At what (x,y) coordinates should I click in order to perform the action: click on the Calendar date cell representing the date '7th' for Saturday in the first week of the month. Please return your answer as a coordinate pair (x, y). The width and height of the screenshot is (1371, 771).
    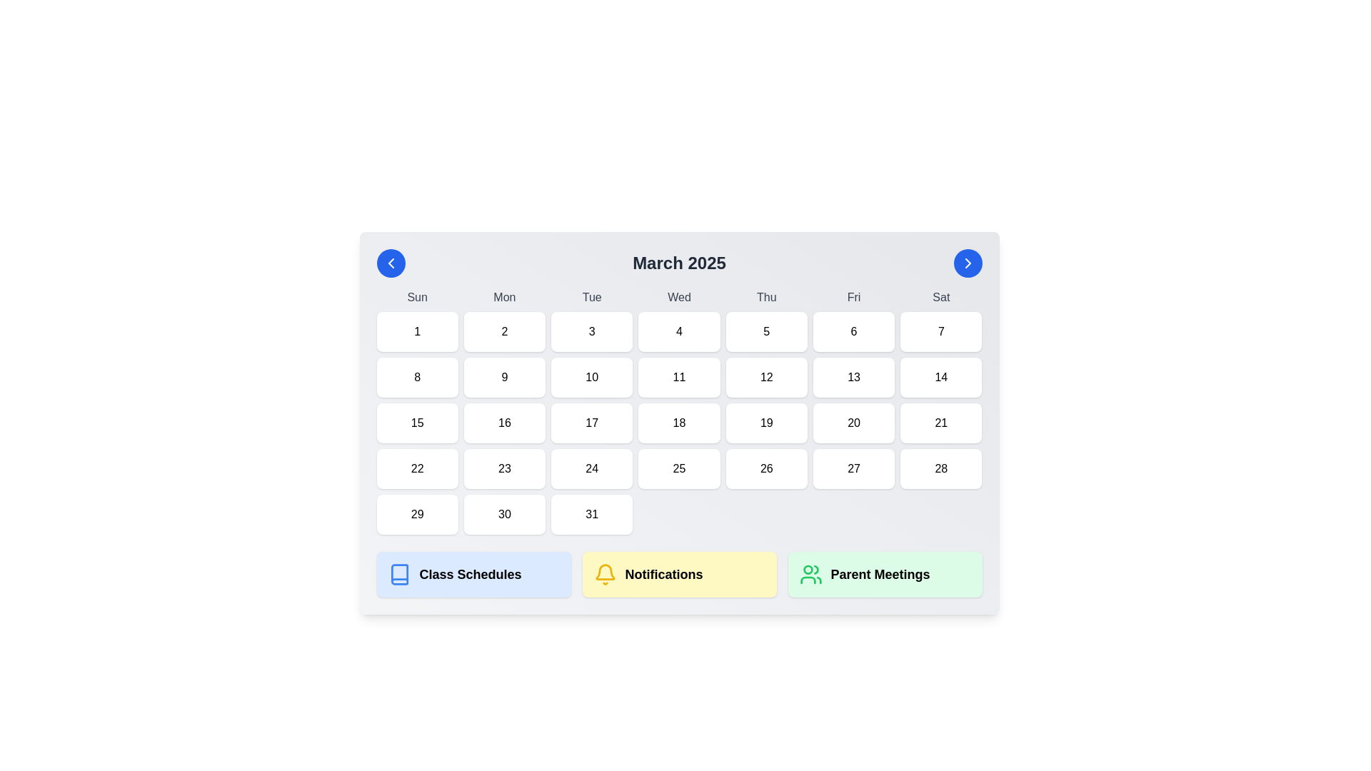
    Looking at the image, I should click on (941, 332).